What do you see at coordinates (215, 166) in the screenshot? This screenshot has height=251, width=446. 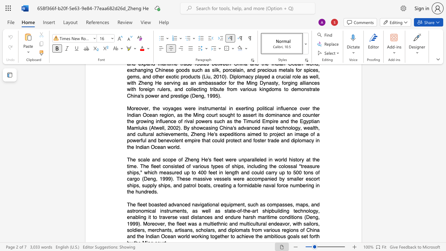 I see `the subset text "pe" within the text "various types"` at bounding box center [215, 166].